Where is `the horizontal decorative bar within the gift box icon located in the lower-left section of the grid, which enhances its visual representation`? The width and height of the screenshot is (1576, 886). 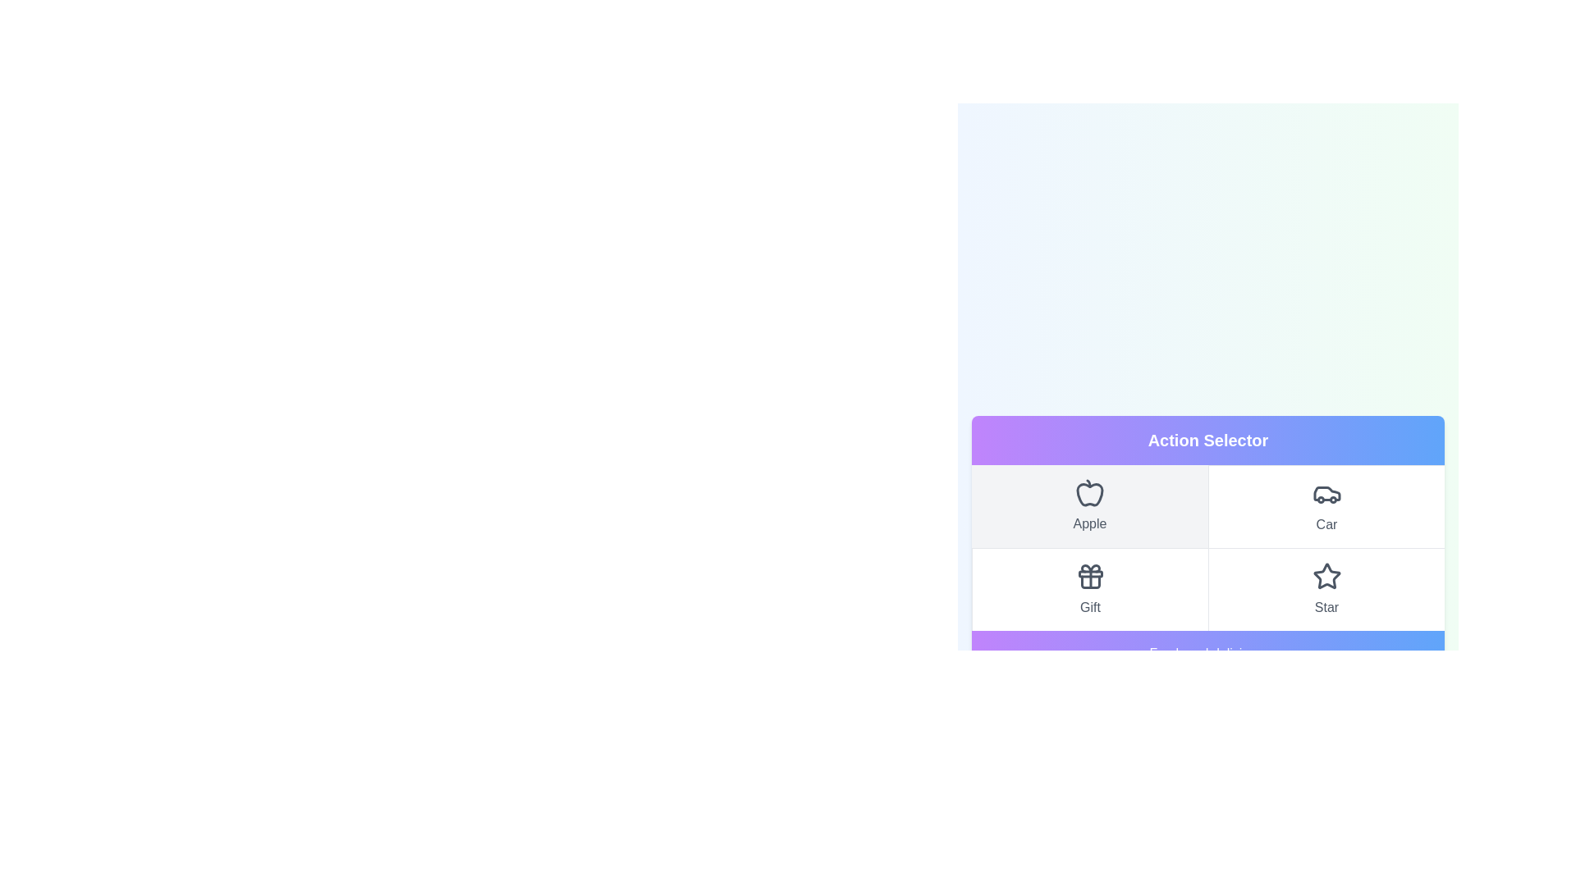 the horizontal decorative bar within the gift box icon located in the lower-left section of the grid, which enhances its visual representation is located at coordinates (1090, 573).